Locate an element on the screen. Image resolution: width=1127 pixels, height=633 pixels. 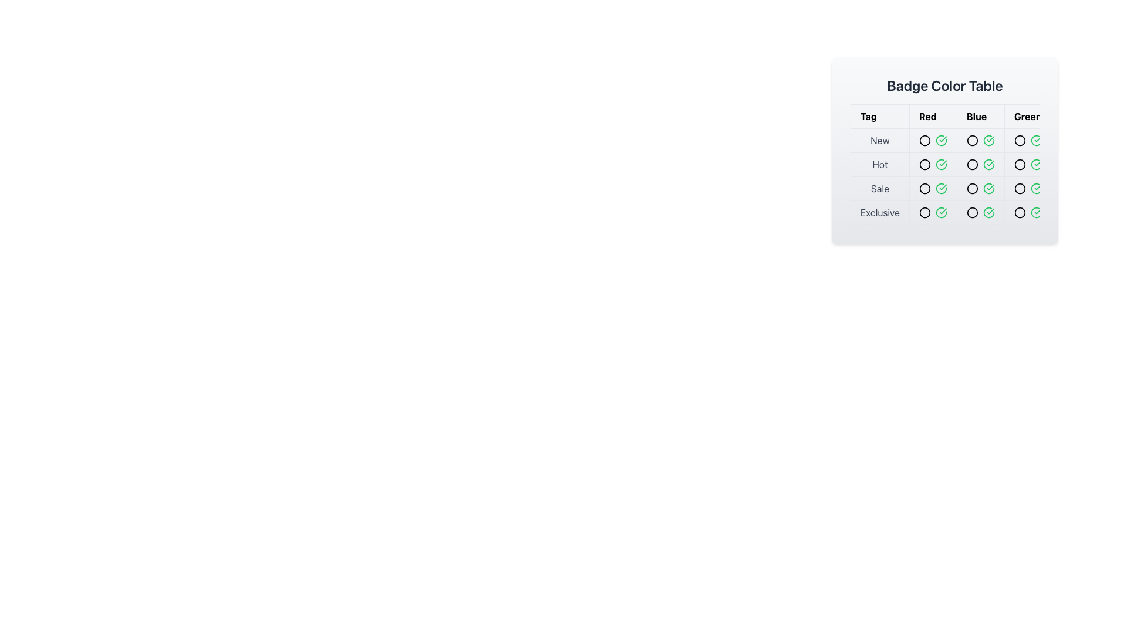
the circular icon in the 'Green' column aligned with the 'Sale' row in the 'Badge Color Table' for interaction is located at coordinates (1019, 188).